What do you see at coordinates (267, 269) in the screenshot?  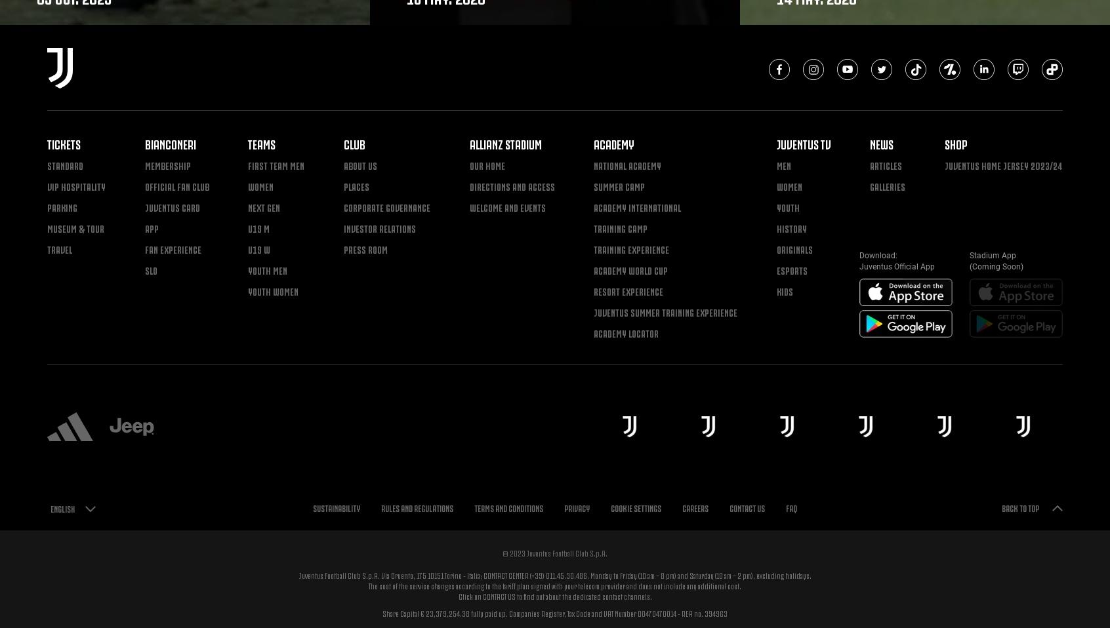 I see `'Youth Men'` at bounding box center [267, 269].